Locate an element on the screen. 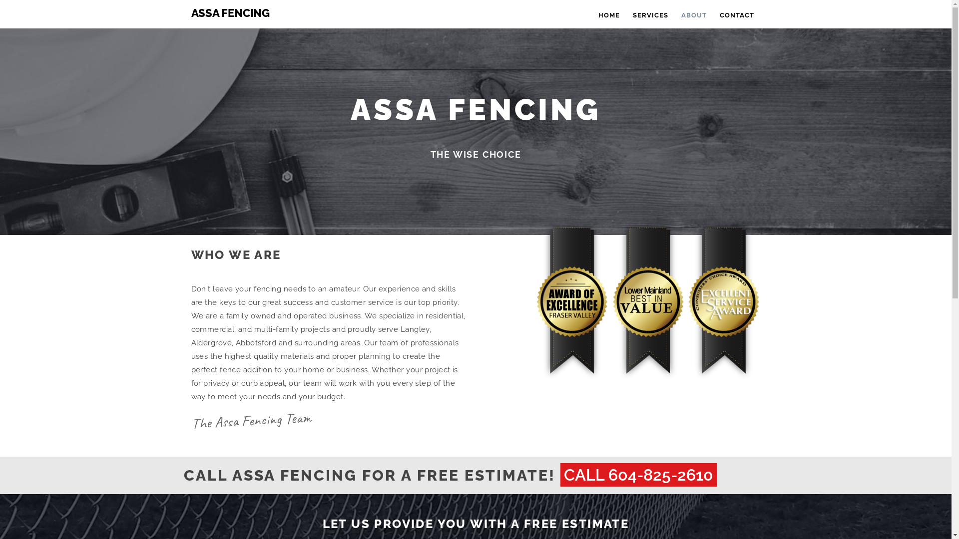 Image resolution: width=959 pixels, height=539 pixels. 'SERVICES' is located at coordinates (650, 13).